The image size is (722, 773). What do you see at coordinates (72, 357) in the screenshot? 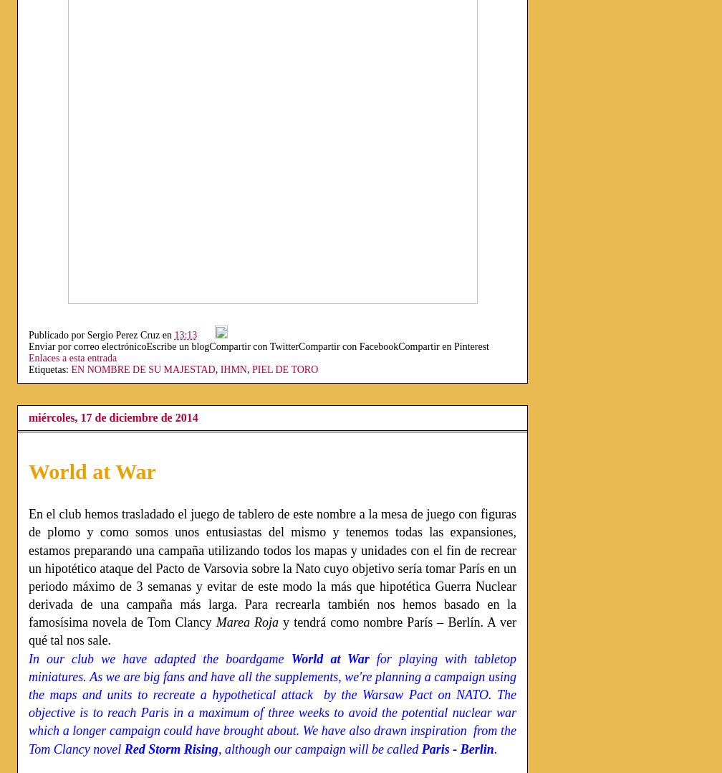
I see `'Enlaces a esta entrada'` at bounding box center [72, 357].